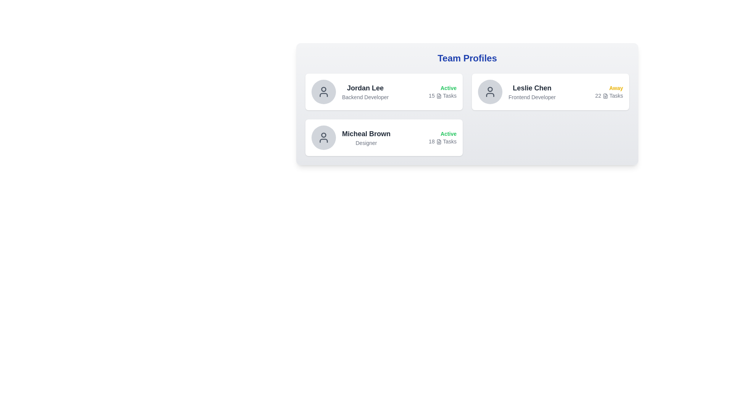 This screenshot has height=412, width=733. I want to click on the text display element that shows the name and role of a team member in the team profile interface, located on the second row of the left card in the grid, so click(366, 138).